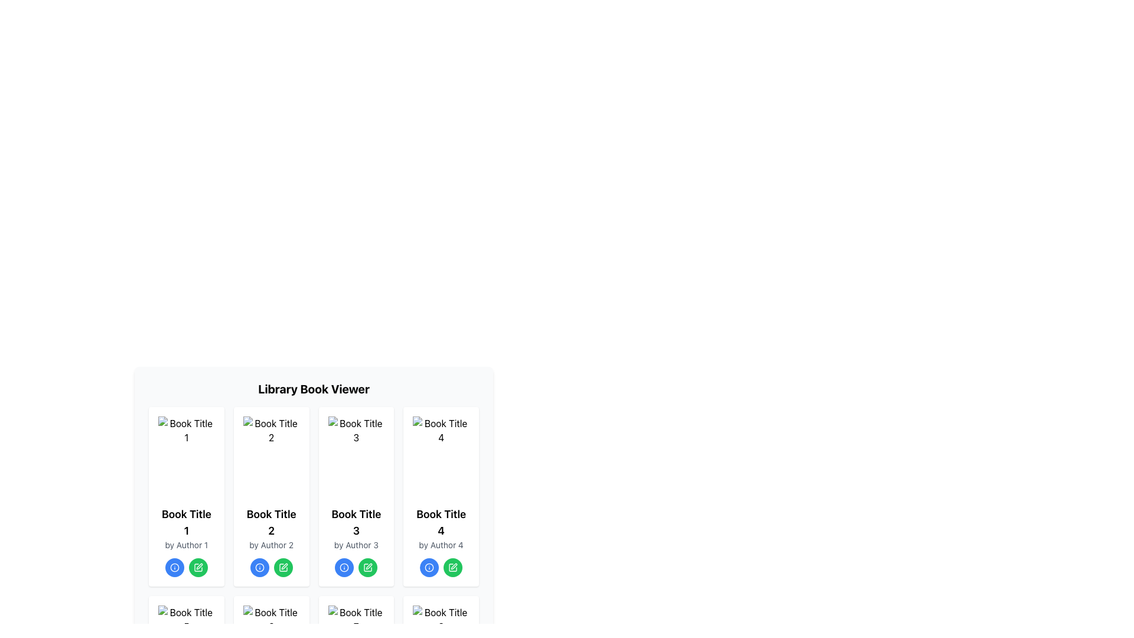 The width and height of the screenshot is (1134, 638). What do you see at coordinates (198, 567) in the screenshot?
I see `the green circular button with a white pen icon inside` at bounding box center [198, 567].